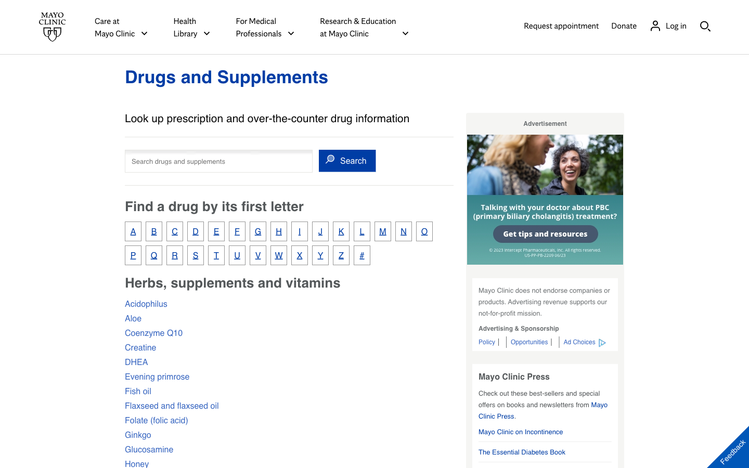 The image size is (749, 468). Describe the element at coordinates (226, 76) in the screenshot. I see `Refresh or reload the page without keying anything` at that location.